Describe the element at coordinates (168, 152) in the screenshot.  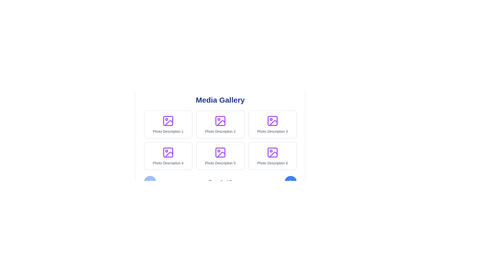
I see `the rounded rectangle graphical decoration element within the 'Media Gallery' grid, specifically in the fourth thumbnail corresponding to 'Photo Description 4'` at that location.